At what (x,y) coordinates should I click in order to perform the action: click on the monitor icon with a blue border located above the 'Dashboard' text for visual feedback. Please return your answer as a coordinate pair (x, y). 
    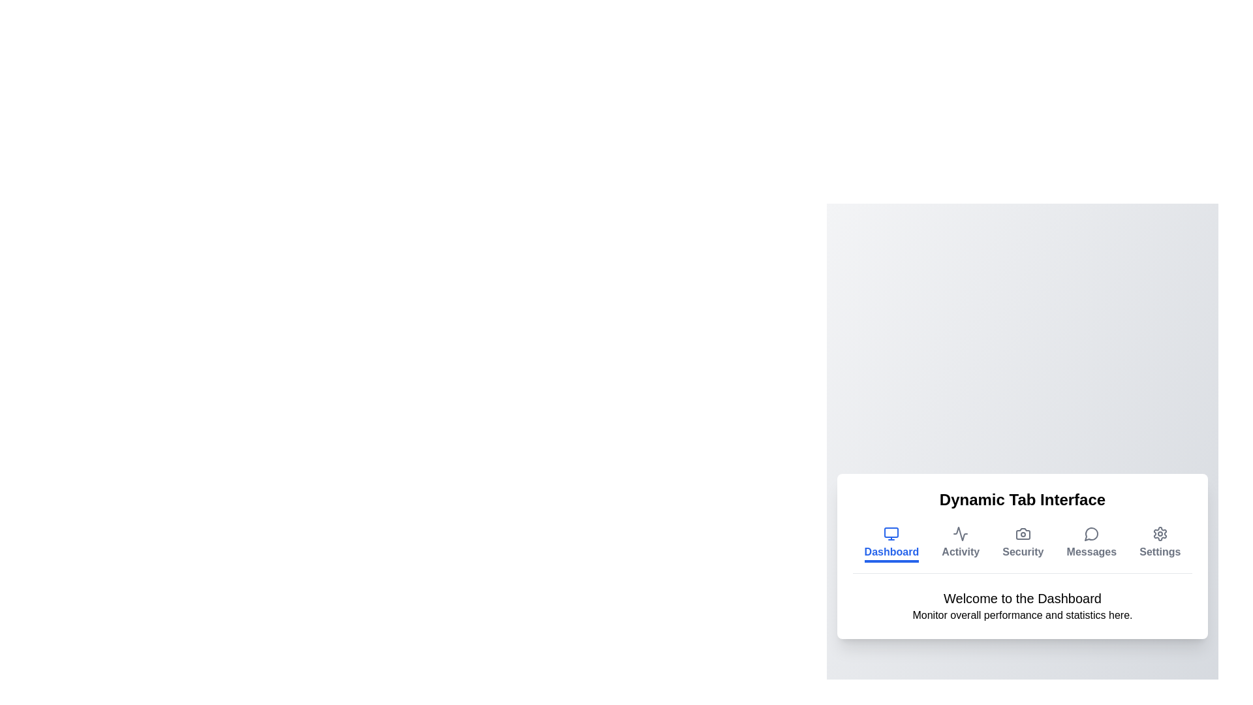
    Looking at the image, I should click on (891, 533).